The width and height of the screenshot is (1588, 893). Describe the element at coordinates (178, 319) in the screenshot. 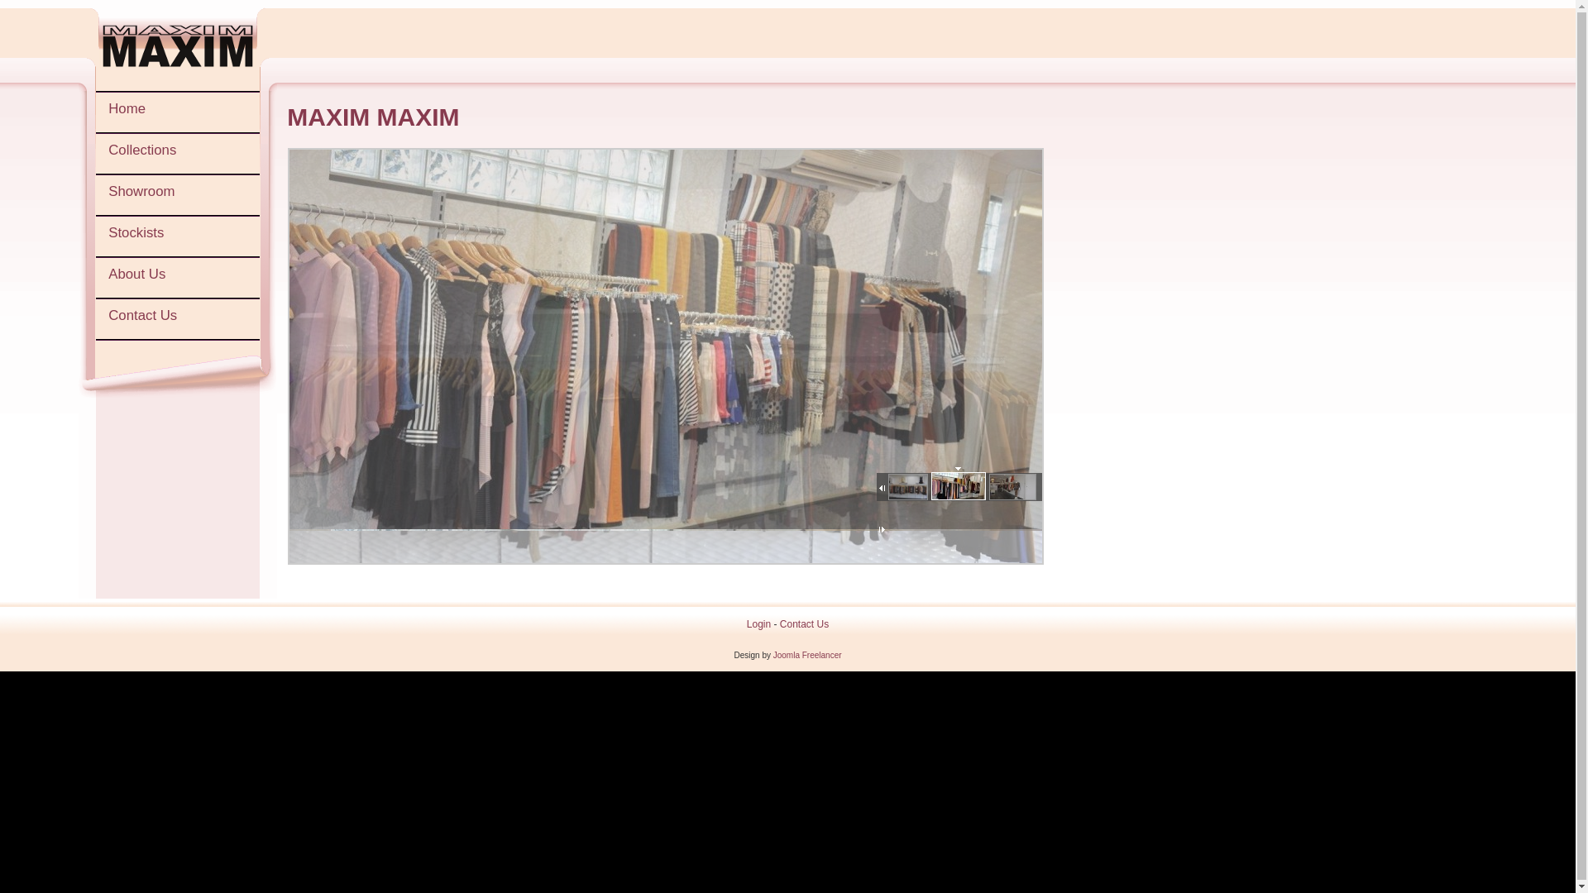

I see `'Contact Us'` at that location.